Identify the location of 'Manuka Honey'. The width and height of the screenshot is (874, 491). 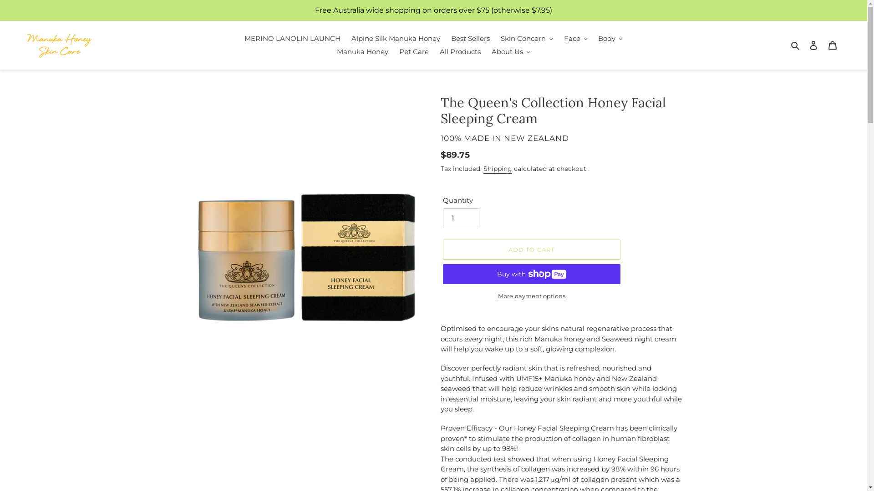
(362, 52).